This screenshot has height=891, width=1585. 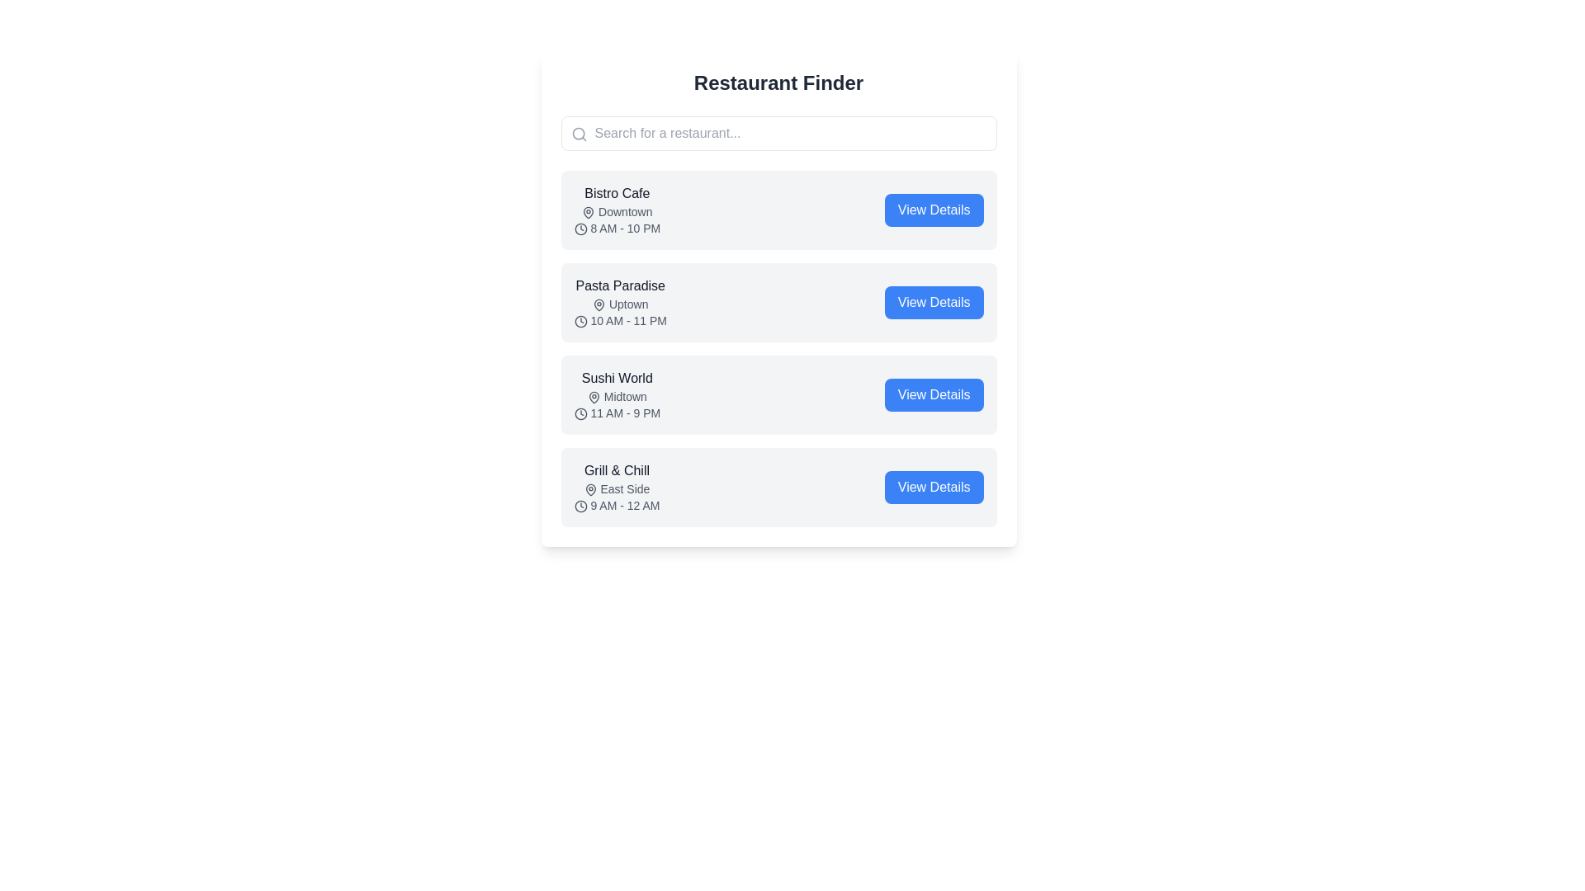 I want to click on the pin-shaped icon located to the left of the text 'Downtown' and directly under 'Bistro Cafe' in the restaurant list, so click(x=589, y=212).